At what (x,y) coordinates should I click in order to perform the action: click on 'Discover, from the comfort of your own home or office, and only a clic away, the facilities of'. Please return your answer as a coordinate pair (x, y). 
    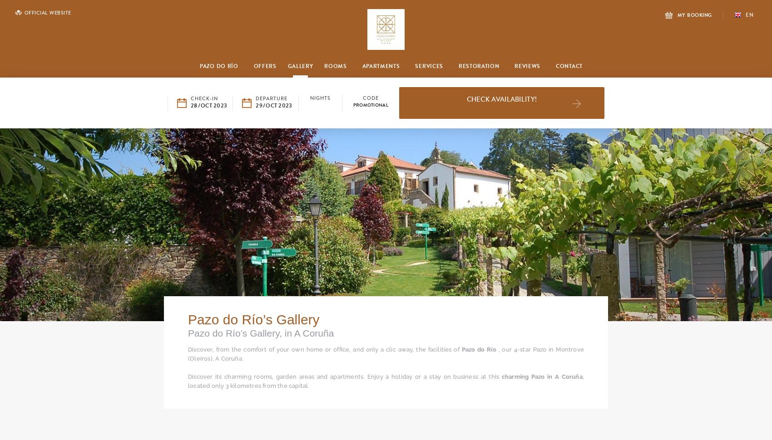
    Looking at the image, I should click on (325, 349).